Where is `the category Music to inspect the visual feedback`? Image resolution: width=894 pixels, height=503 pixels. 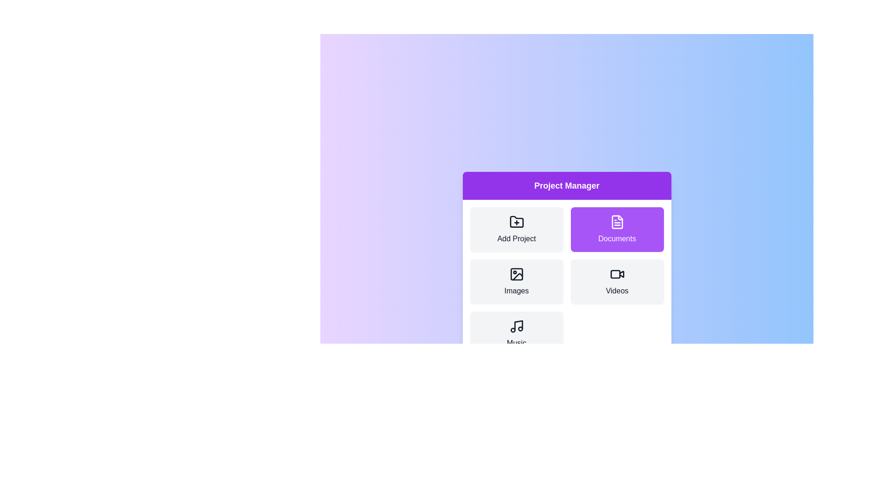 the category Music to inspect the visual feedback is located at coordinates (516, 333).